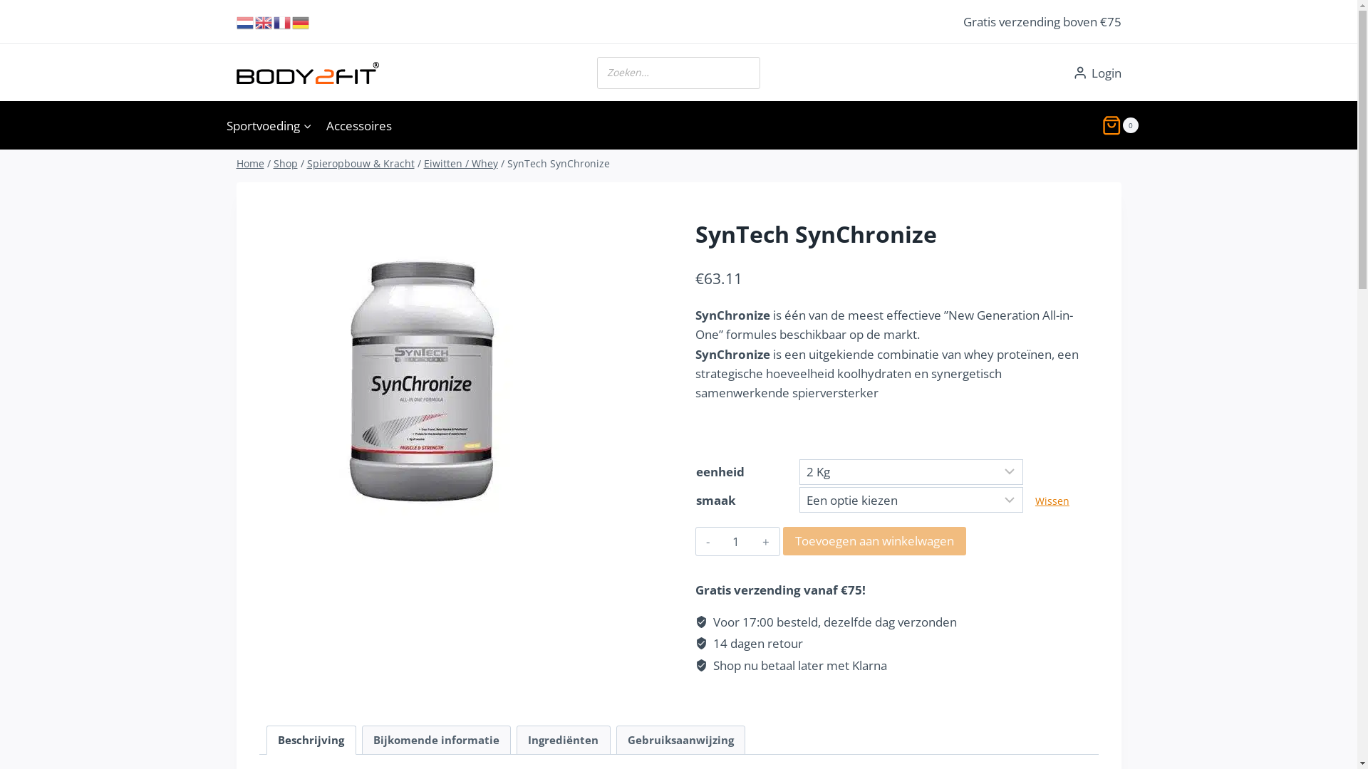 This screenshot has height=769, width=1368. What do you see at coordinates (306, 162) in the screenshot?
I see `'Spieropbouw & Kracht'` at bounding box center [306, 162].